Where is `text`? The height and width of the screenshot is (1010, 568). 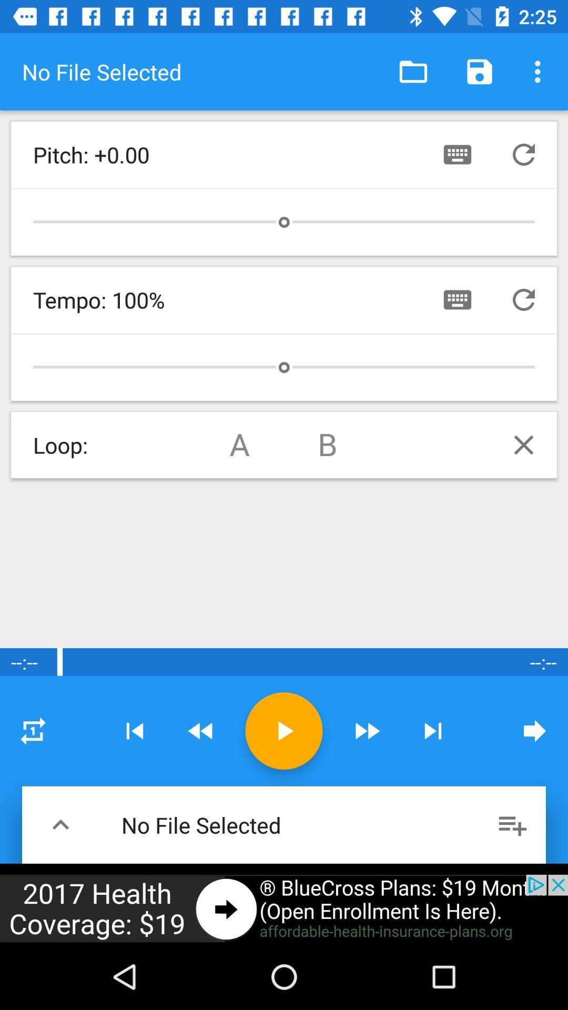 text is located at coordinates (457, 299).